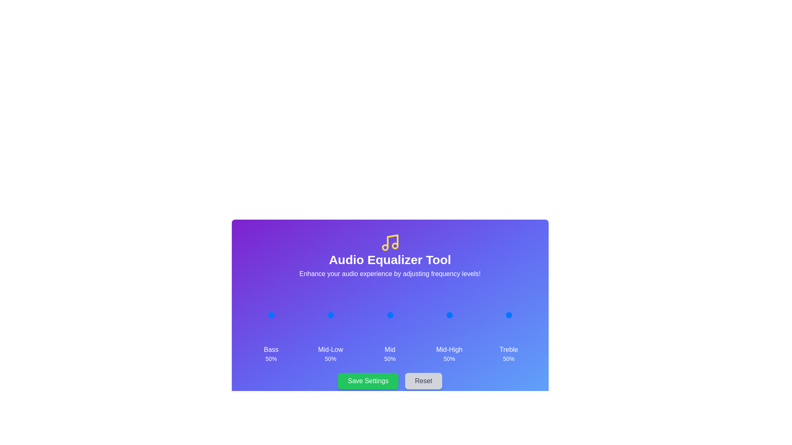 The width and height of the screenshot is (792, 445). I want to click on the Bass Slider to observe hover effects, so click(271, 315).